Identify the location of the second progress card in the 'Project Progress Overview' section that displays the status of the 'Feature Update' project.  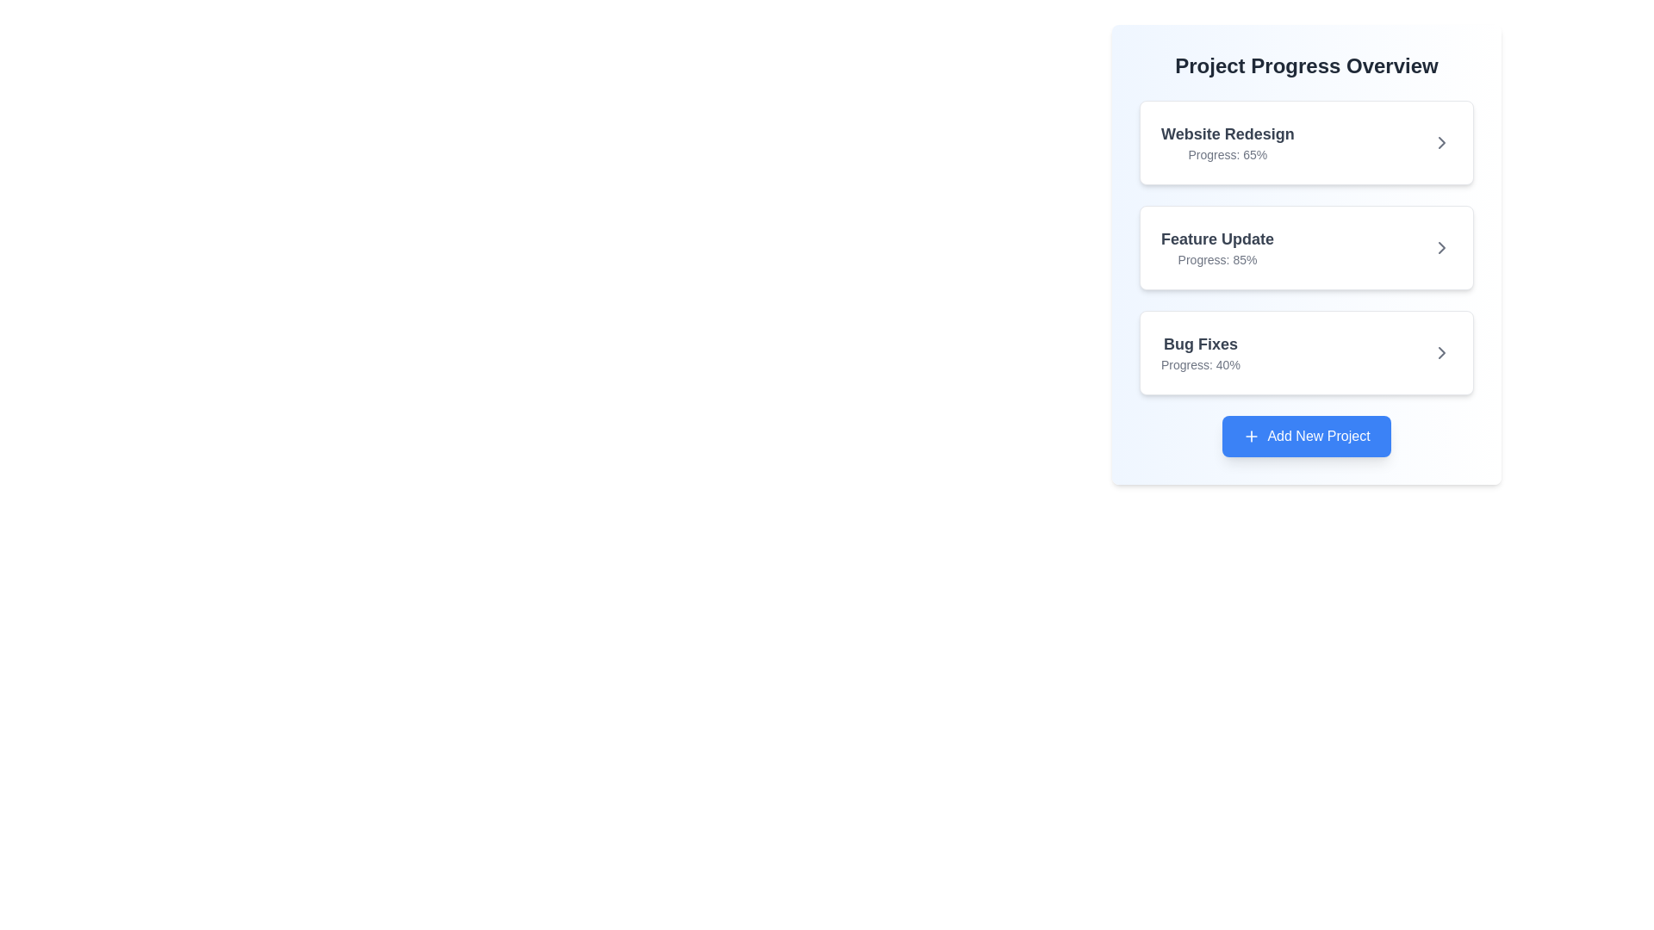
(1306, 255).